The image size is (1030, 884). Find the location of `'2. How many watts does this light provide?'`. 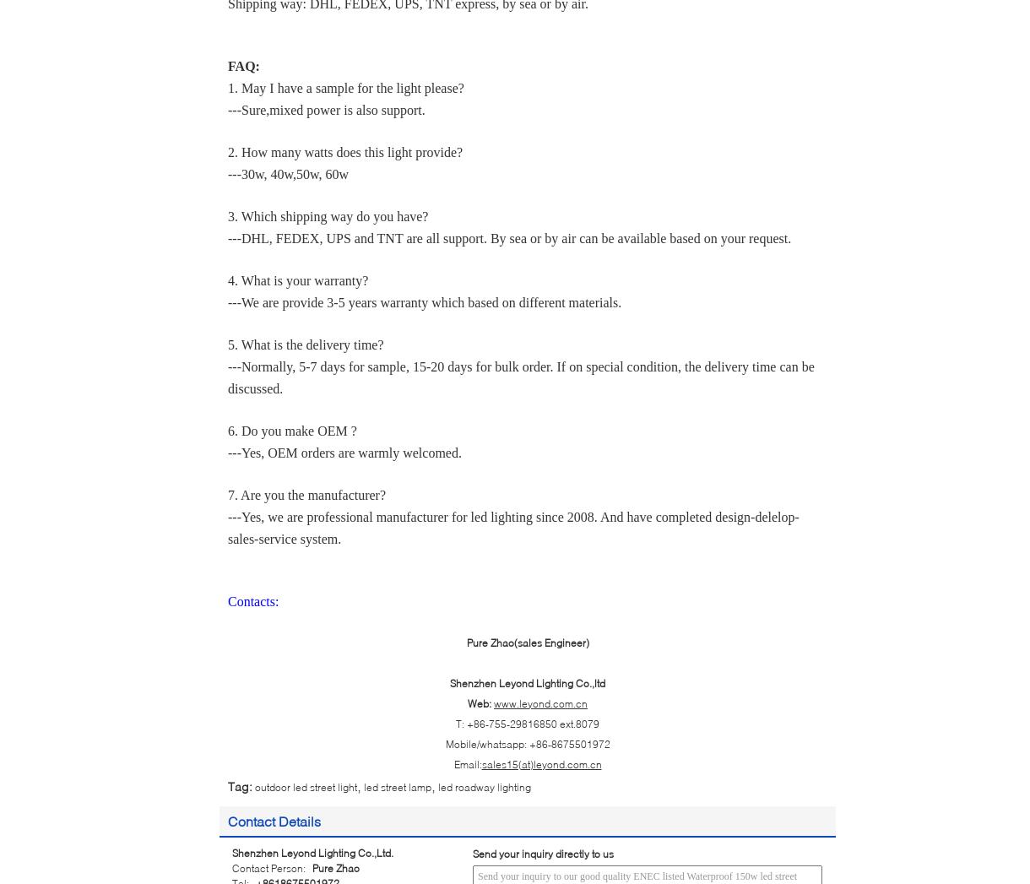

'2. How many watts does this light provide?' is located at coordinates (226, 151).